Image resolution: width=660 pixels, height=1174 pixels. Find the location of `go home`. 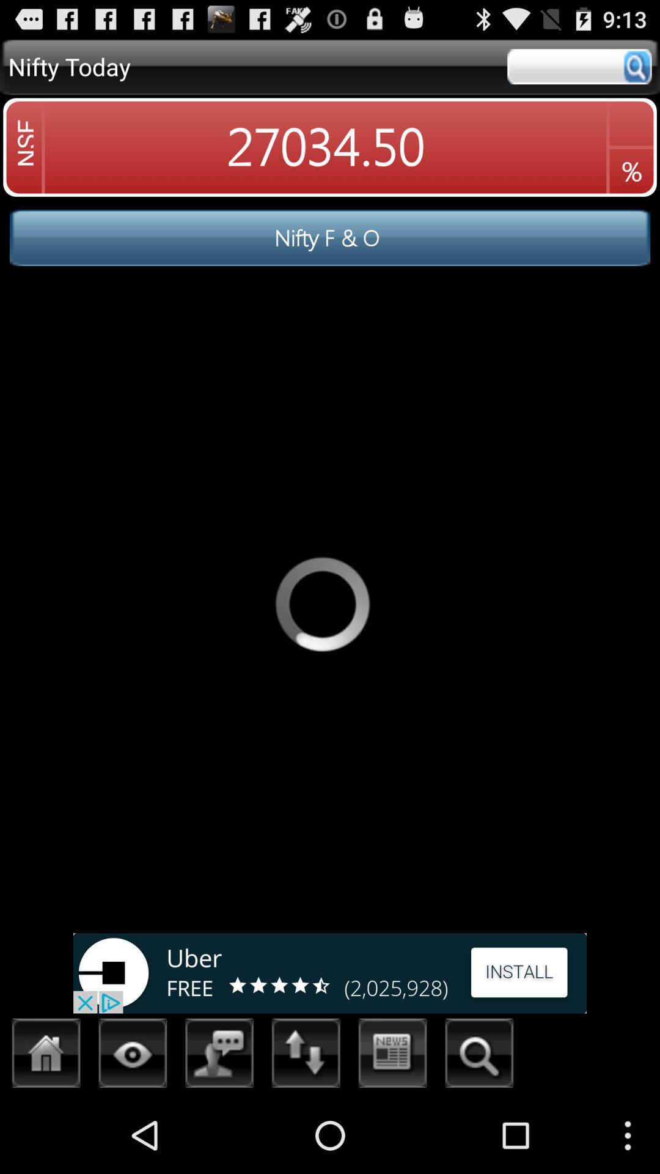

go home is located at coordinates (46, 1056).